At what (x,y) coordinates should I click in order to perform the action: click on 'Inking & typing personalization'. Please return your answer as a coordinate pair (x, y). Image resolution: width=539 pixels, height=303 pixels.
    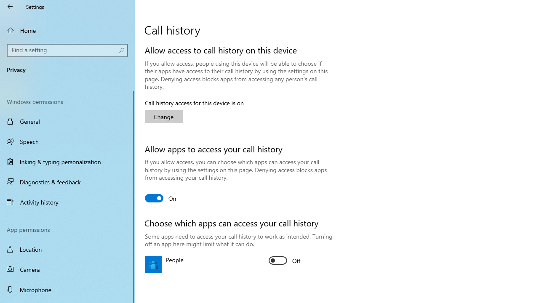
    Looking at the image, I should click on (67, 162).